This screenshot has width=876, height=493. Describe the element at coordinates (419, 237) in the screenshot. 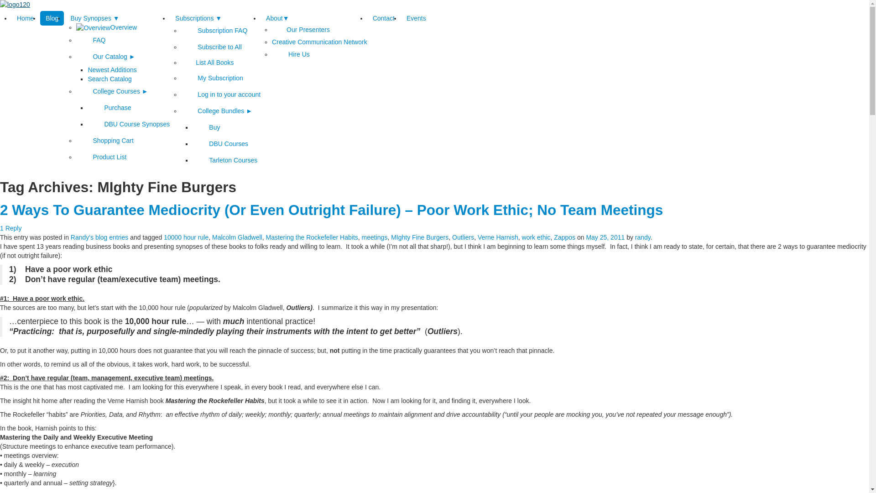

I see `'MIghty Fine Burgers'` at that location.